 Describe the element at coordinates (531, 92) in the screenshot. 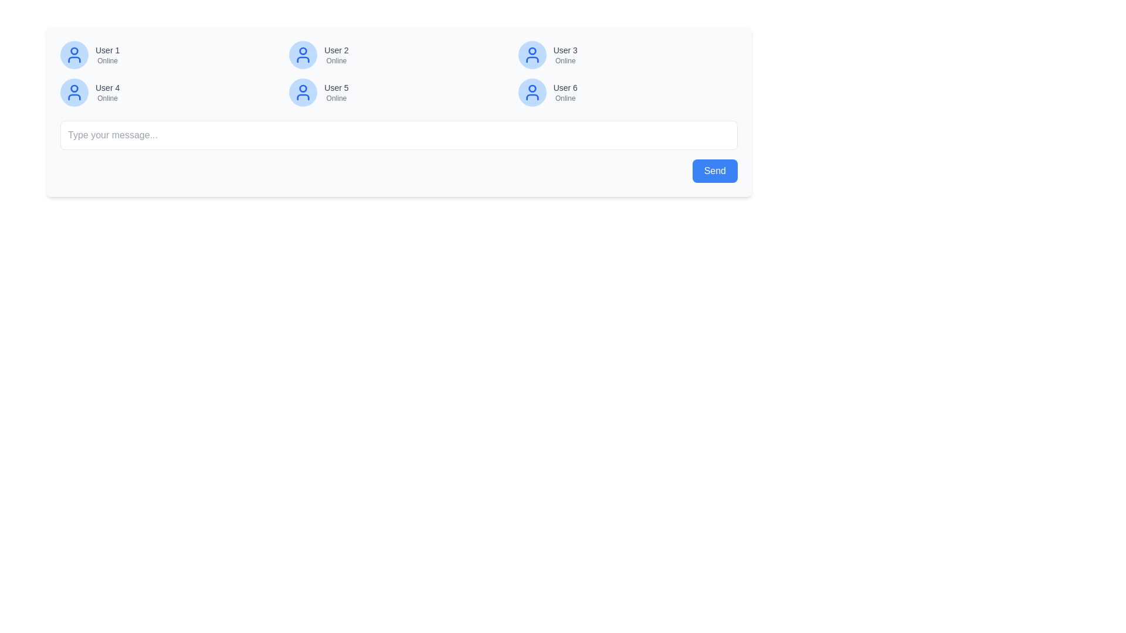

I see `the sixth user icon in a 2x3 grid layout, located in the second row, third column, near the bottom right of the display region` at that location.